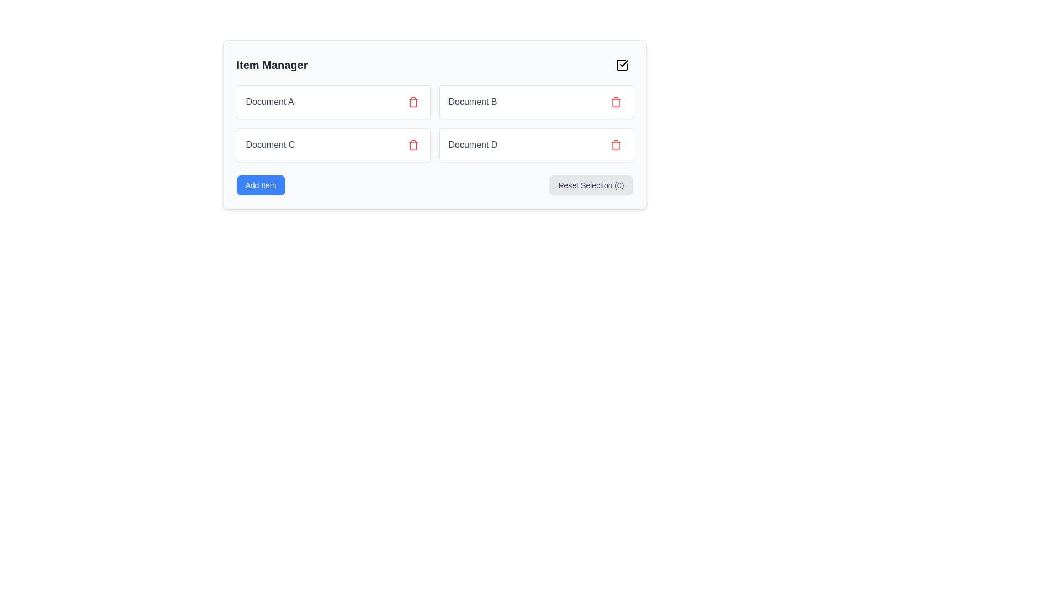  Describe the element at coordinates (412, 144) in the screenshot. I see `the small square button with a red border and a trash can icon located to the right of the text 'Document C'` at that location.